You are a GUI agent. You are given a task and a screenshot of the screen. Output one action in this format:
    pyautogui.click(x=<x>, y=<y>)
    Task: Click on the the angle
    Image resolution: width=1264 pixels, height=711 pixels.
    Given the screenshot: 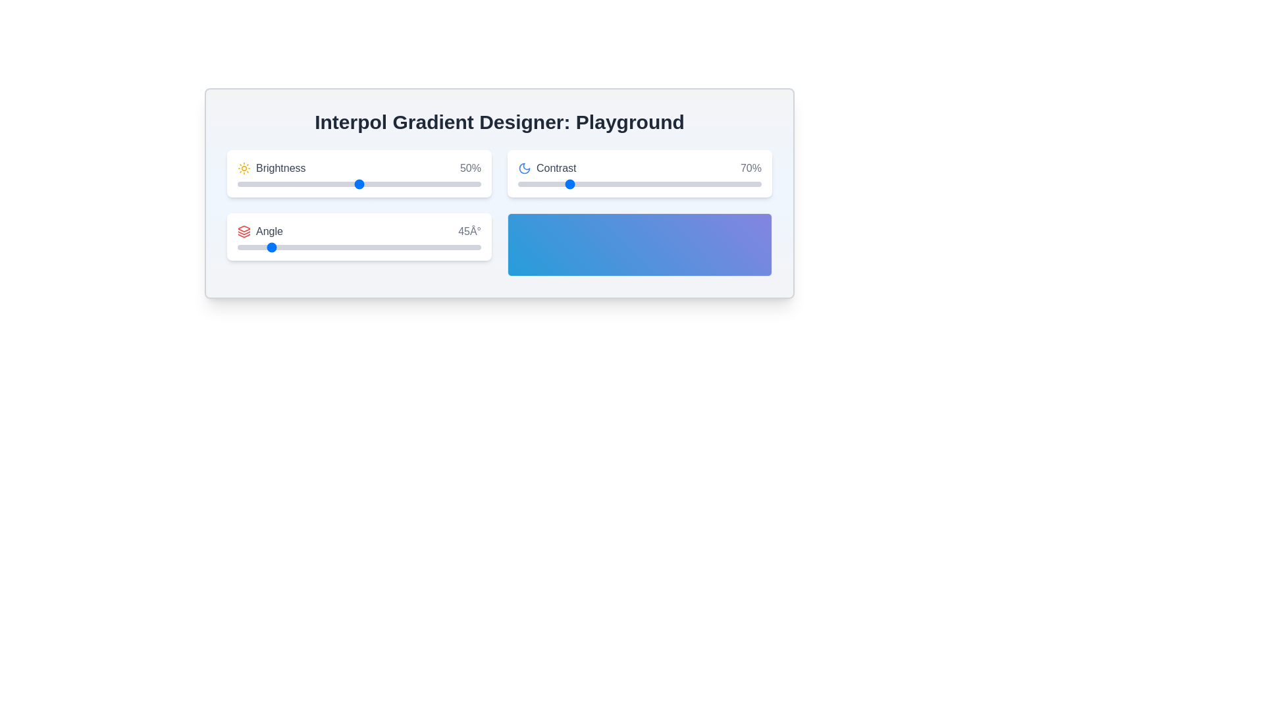 What is the action you would take?
    pyautogui.click(x=444, y=247)
    